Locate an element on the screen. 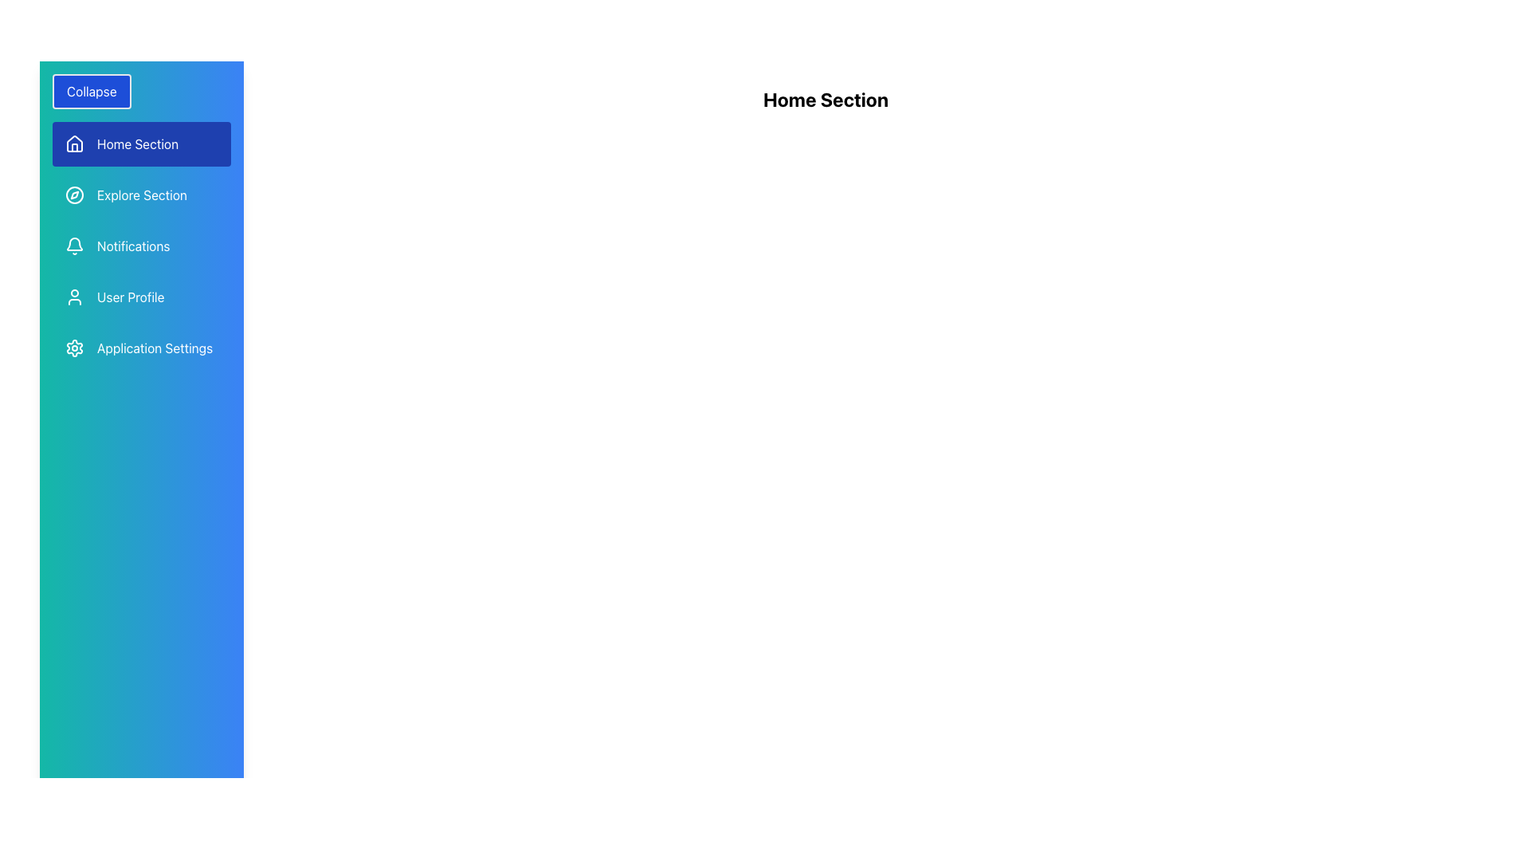 The height and width of the screenshot is (861, 1530). the centered text label displaying 'Home Section' in bold and large font size is located at coordinates (826, 99).